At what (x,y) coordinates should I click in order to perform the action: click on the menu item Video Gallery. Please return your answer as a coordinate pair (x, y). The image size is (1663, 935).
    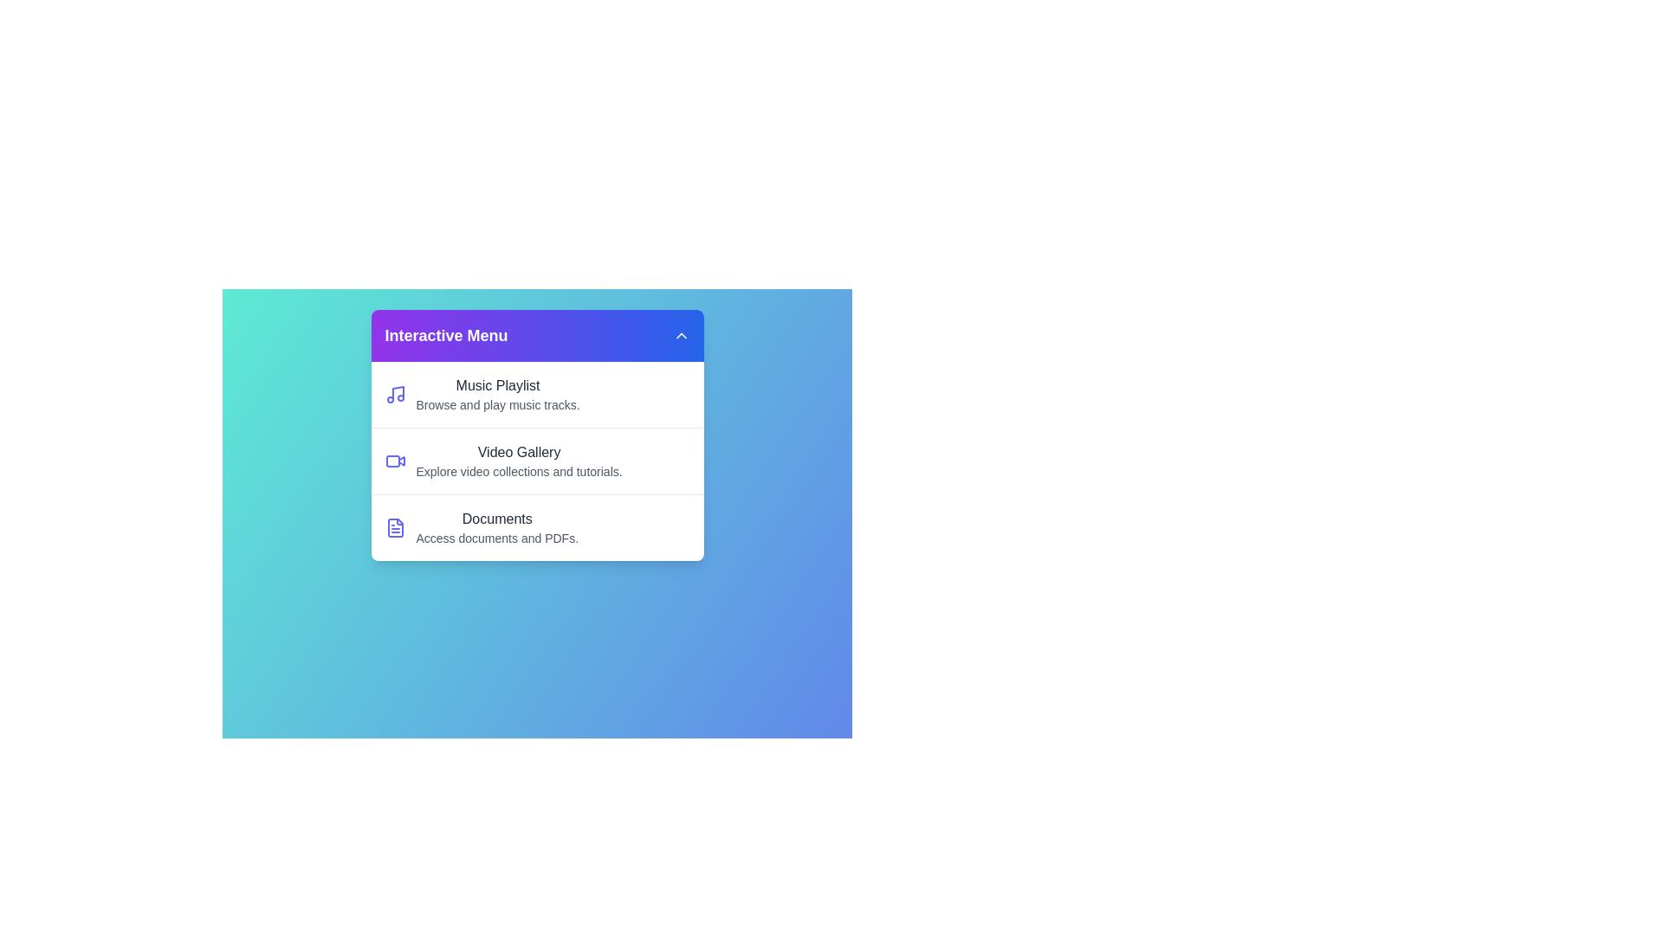
    Looking at the image, I should click on (536, 460).